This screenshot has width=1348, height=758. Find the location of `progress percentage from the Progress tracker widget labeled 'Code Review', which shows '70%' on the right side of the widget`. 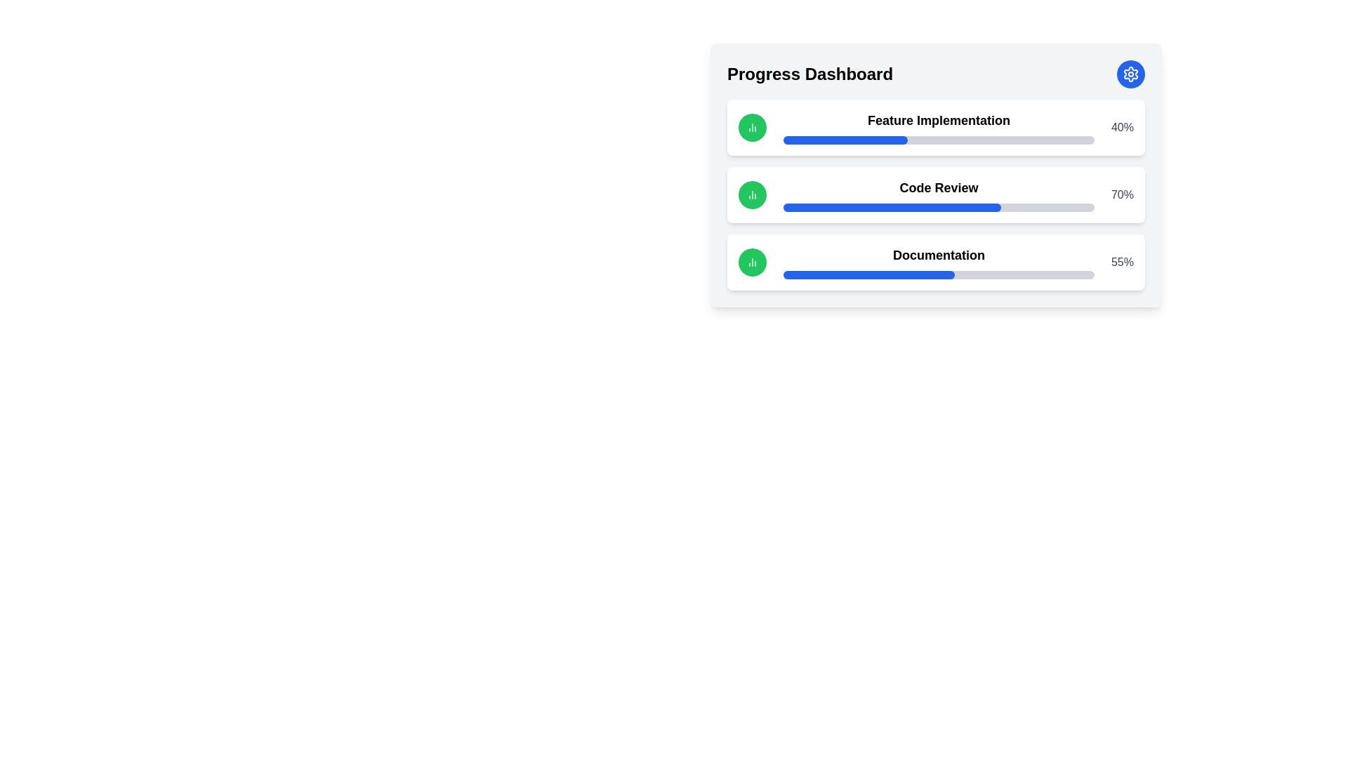

progress percentage from the Progress tracker widget labeled 'Code Review', which shows '70%' on the right side of the widget is located at coordinates (936, 194).